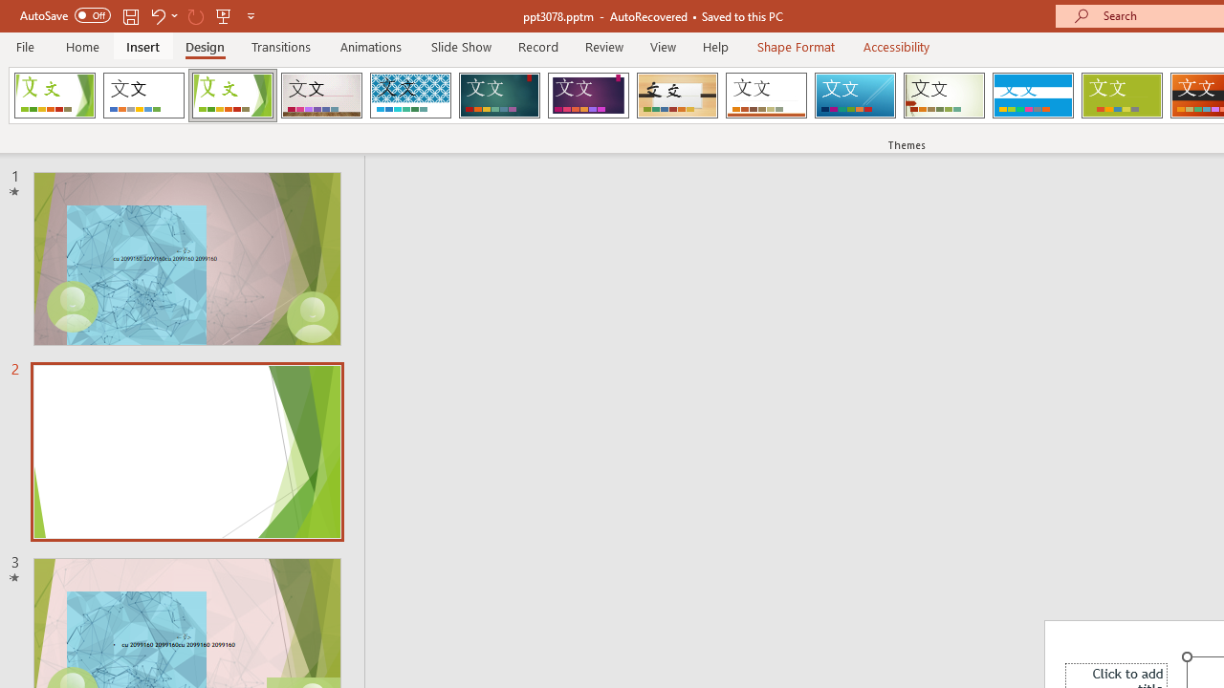 The height and width of the screenshot is (688, 1224). I want to click on 'Ion Boardroom', so click(587, 96).